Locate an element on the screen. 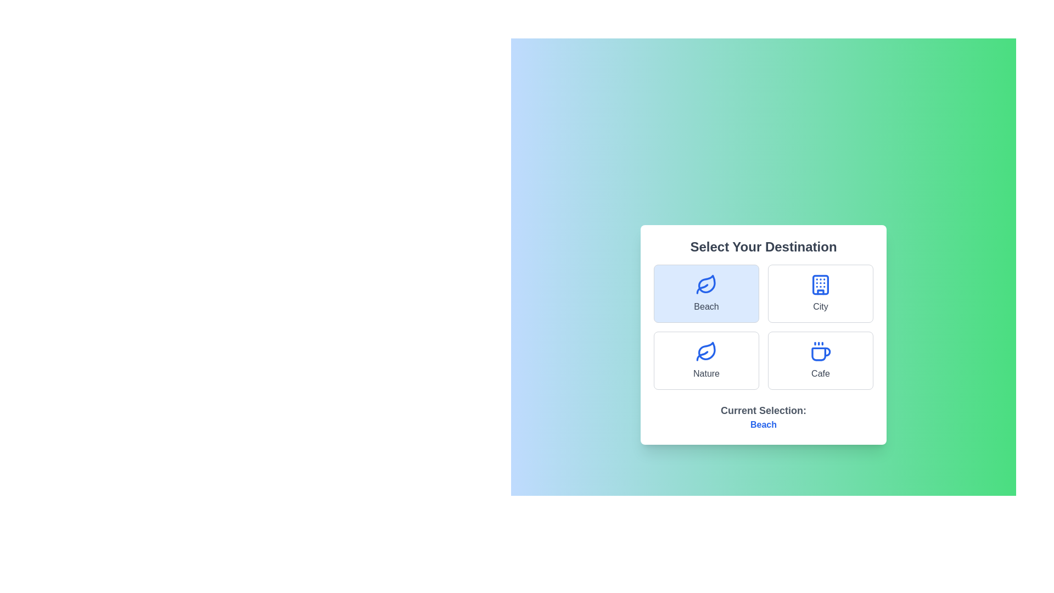 The image size is (1054, 593). the Nature option to observe the visual feedback is located at coordinates (706, 360).